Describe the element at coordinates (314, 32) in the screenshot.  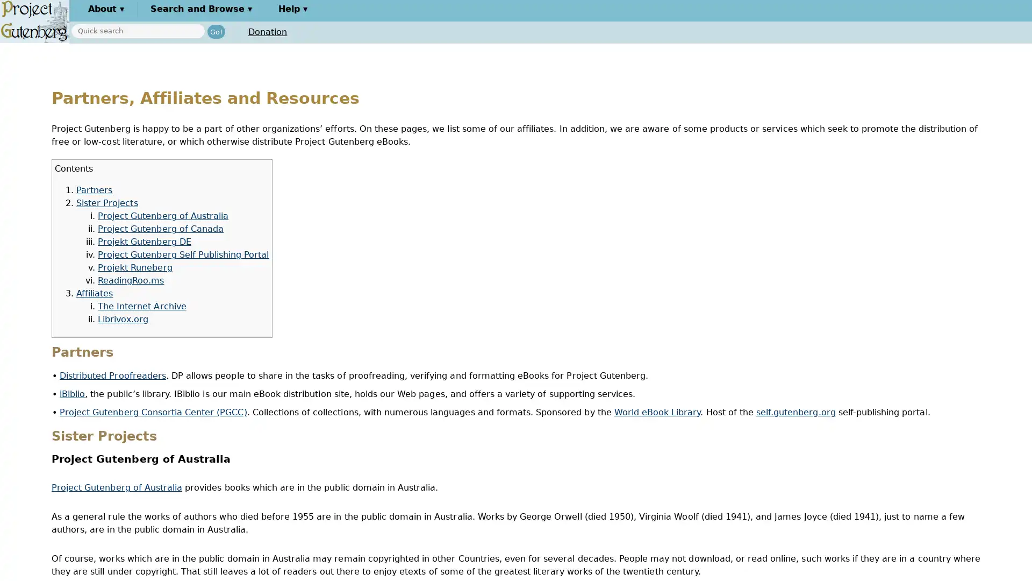
I see `Donate via PayPal` at that location.